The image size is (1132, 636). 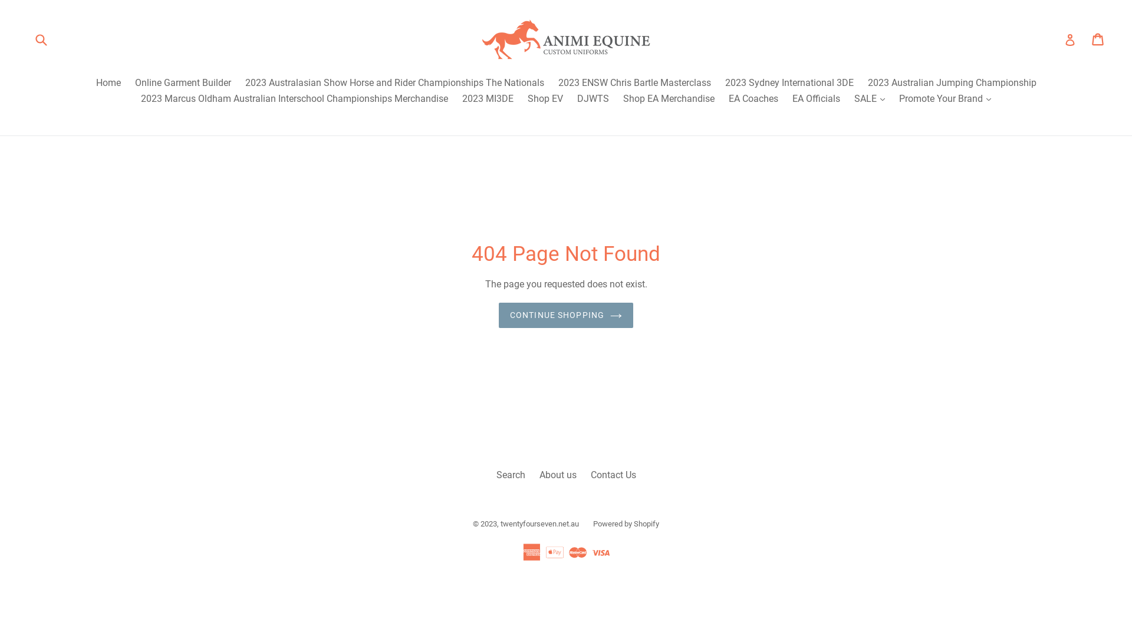 What do you see at coordinates (1070, 38) in the screenshot?
I see `'Log in'` at bounding box center [1070, 38].